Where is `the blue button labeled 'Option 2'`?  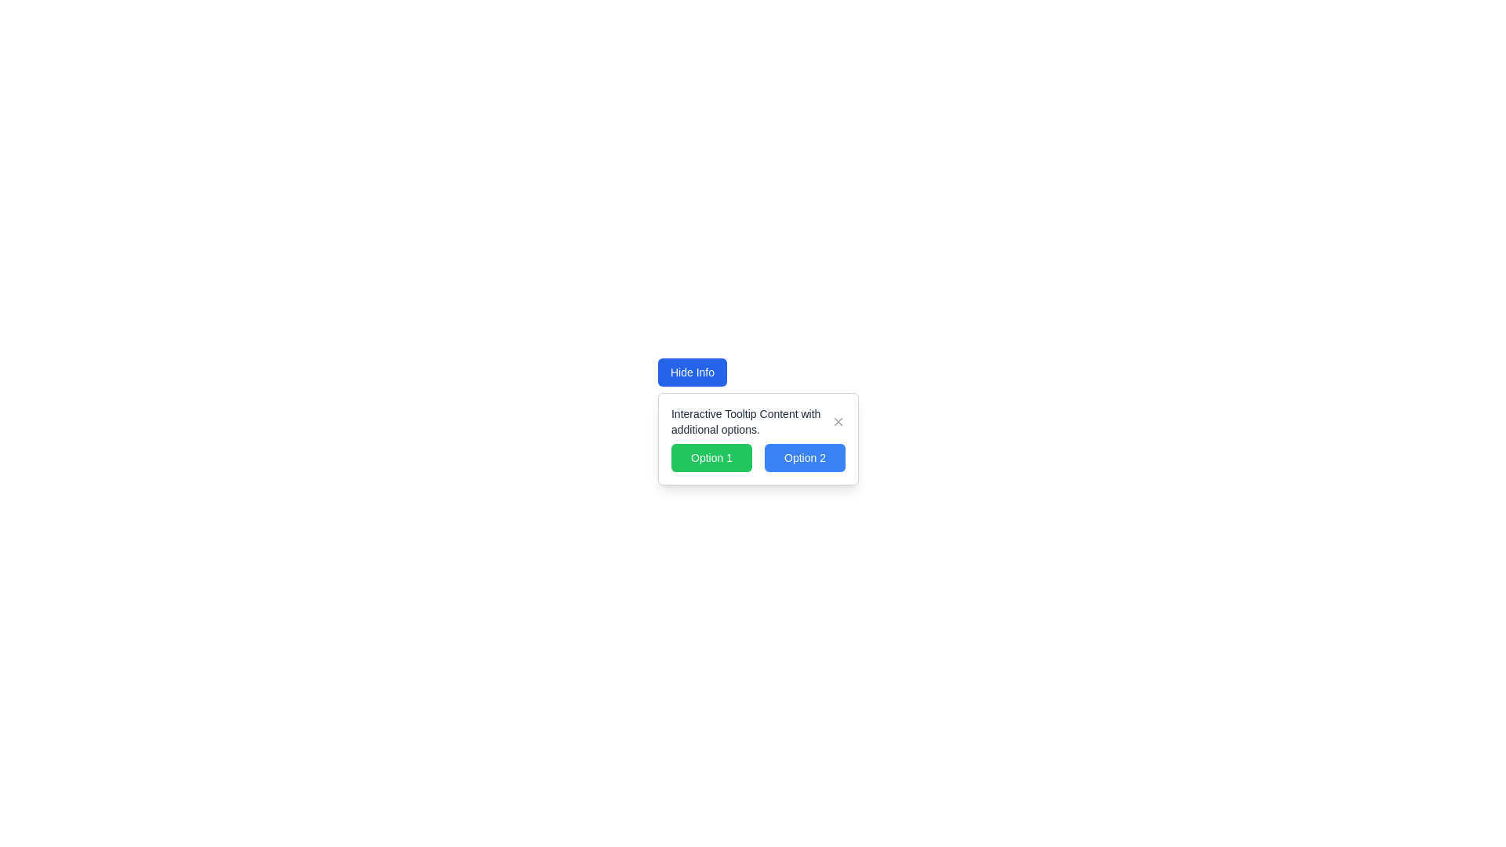 the blue button labeled 'Option 2' is located at coordinates (805, 457).